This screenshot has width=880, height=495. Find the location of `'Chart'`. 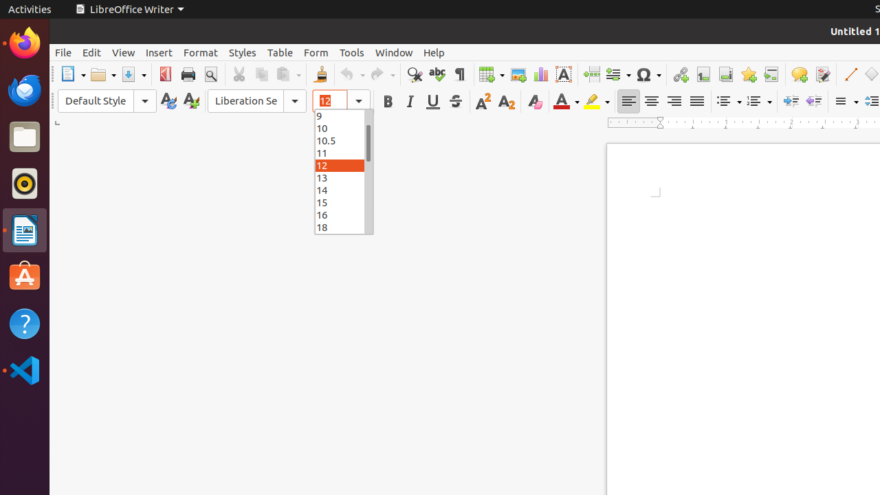

'Chart' is located at coordinates (540, 74).